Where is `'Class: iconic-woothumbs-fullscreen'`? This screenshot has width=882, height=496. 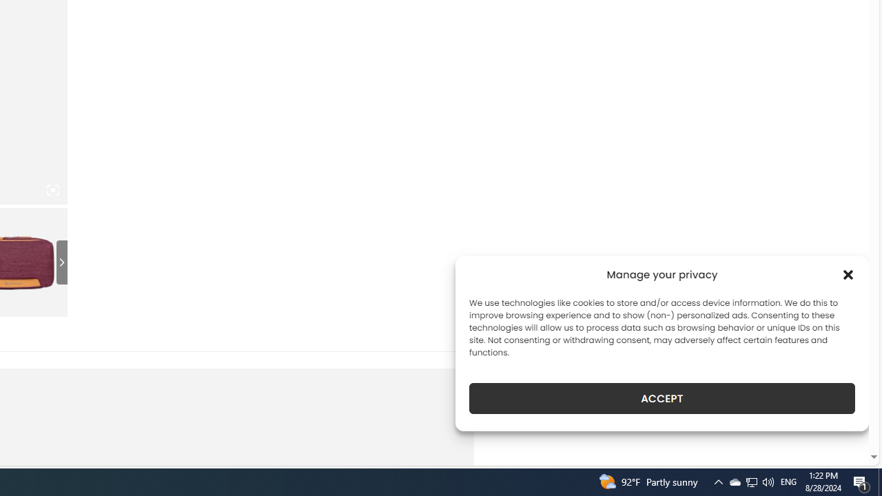
'Class: iconic-woothumbs-fullscreen' is located at coordinates (52, 190).